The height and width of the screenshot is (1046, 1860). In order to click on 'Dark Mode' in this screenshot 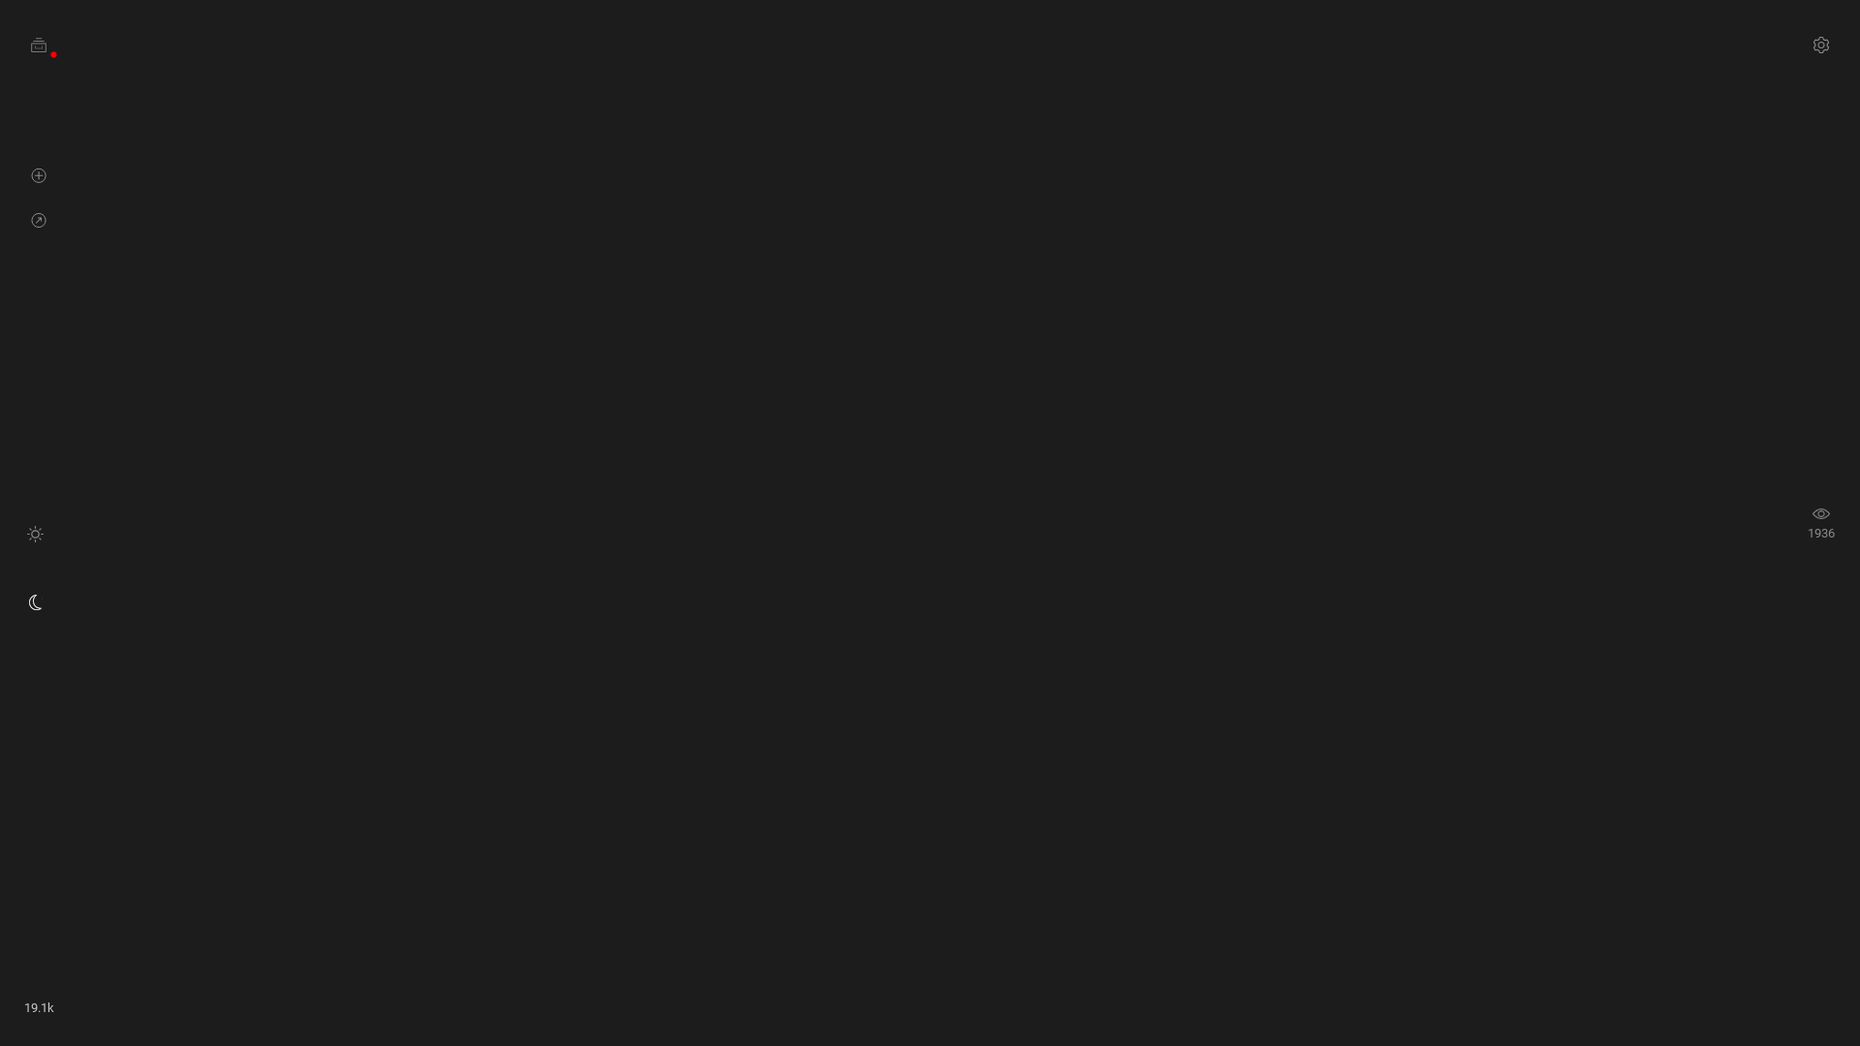, I will do `click(27, 600)`.